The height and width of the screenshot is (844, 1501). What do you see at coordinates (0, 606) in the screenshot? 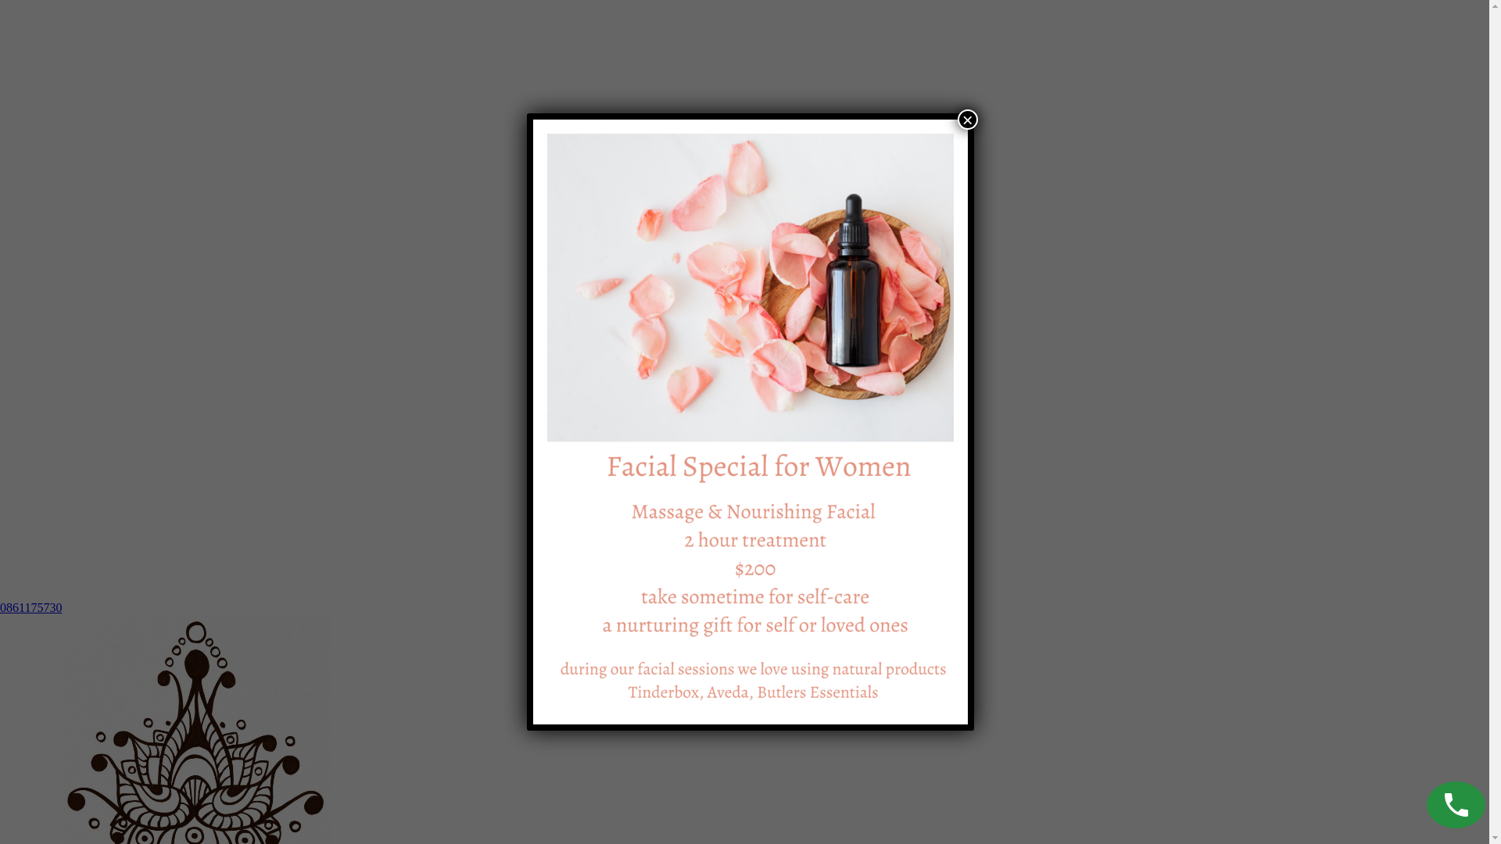
I see `'0861175730'` at bounding box center [0, 606].